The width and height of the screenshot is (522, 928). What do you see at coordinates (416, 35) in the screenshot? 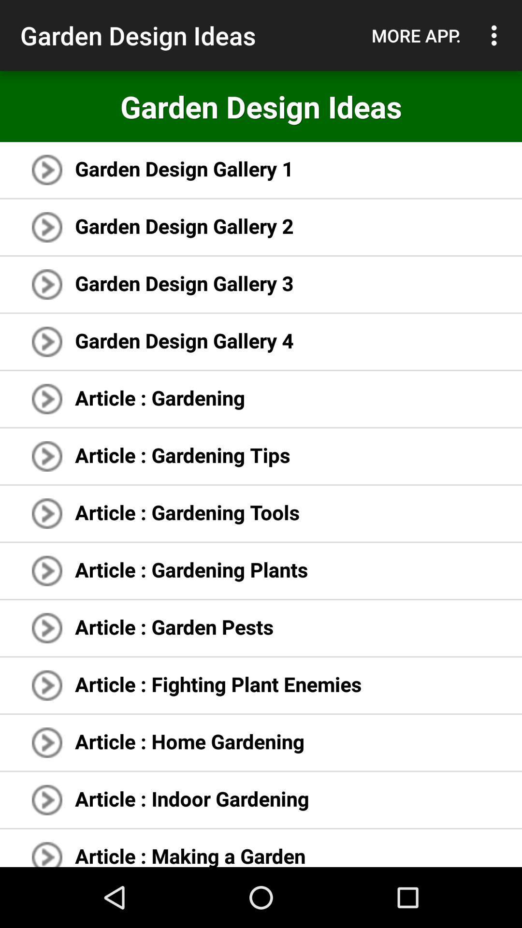
I see `more app. item` at bounding box center [416, 35].